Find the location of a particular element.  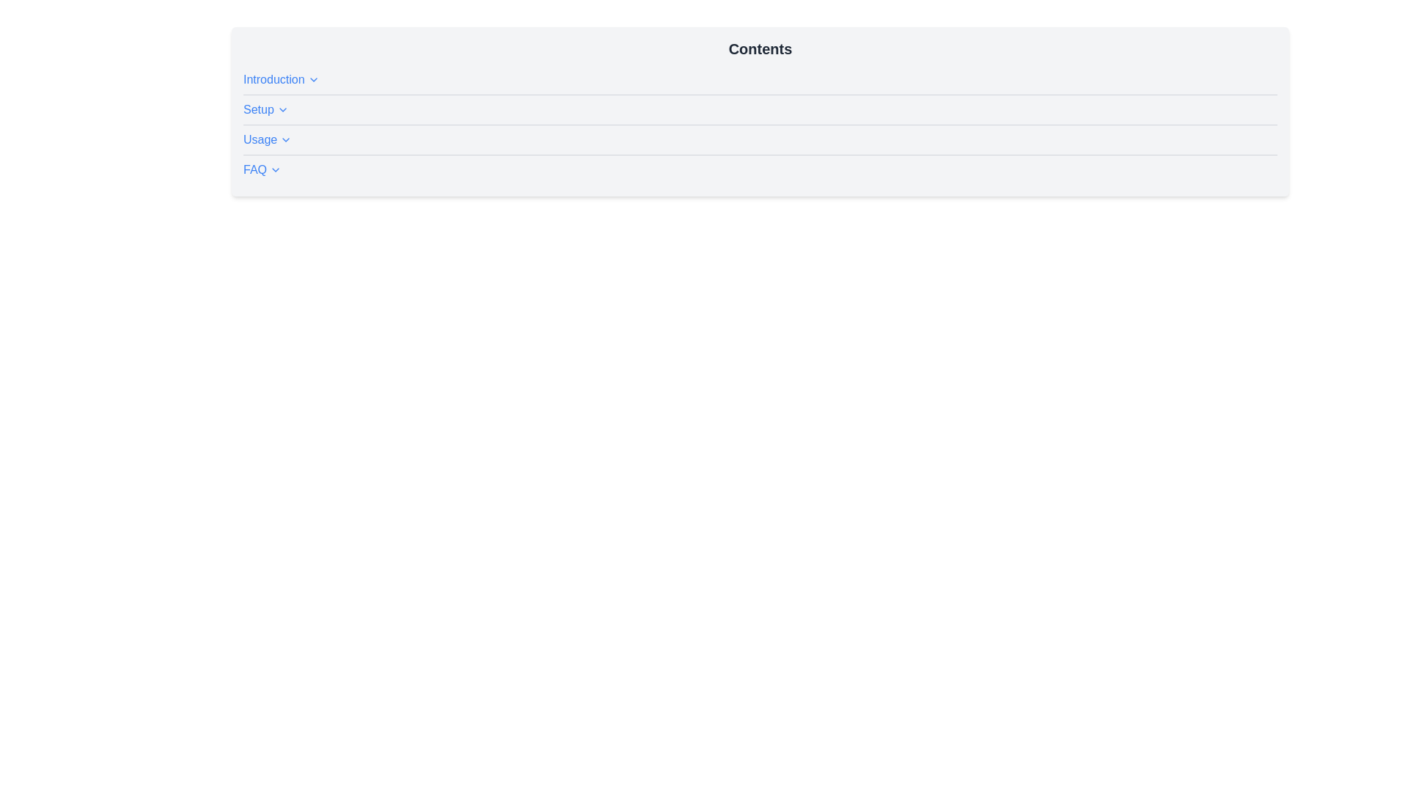

the small downward arrow icon positioned to the right of the 'FAQ' text is located at coordinates (275, 169).